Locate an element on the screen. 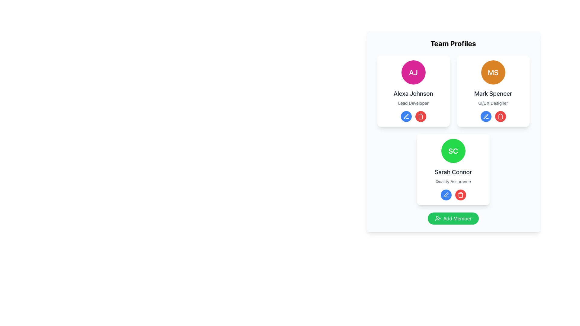 This screenshot has height=326, width=580. the pen icon located in the bottom-left corner of the profile card for 'Alexa Johnson' to initiate the edit action is located at coordinates (406, 116).